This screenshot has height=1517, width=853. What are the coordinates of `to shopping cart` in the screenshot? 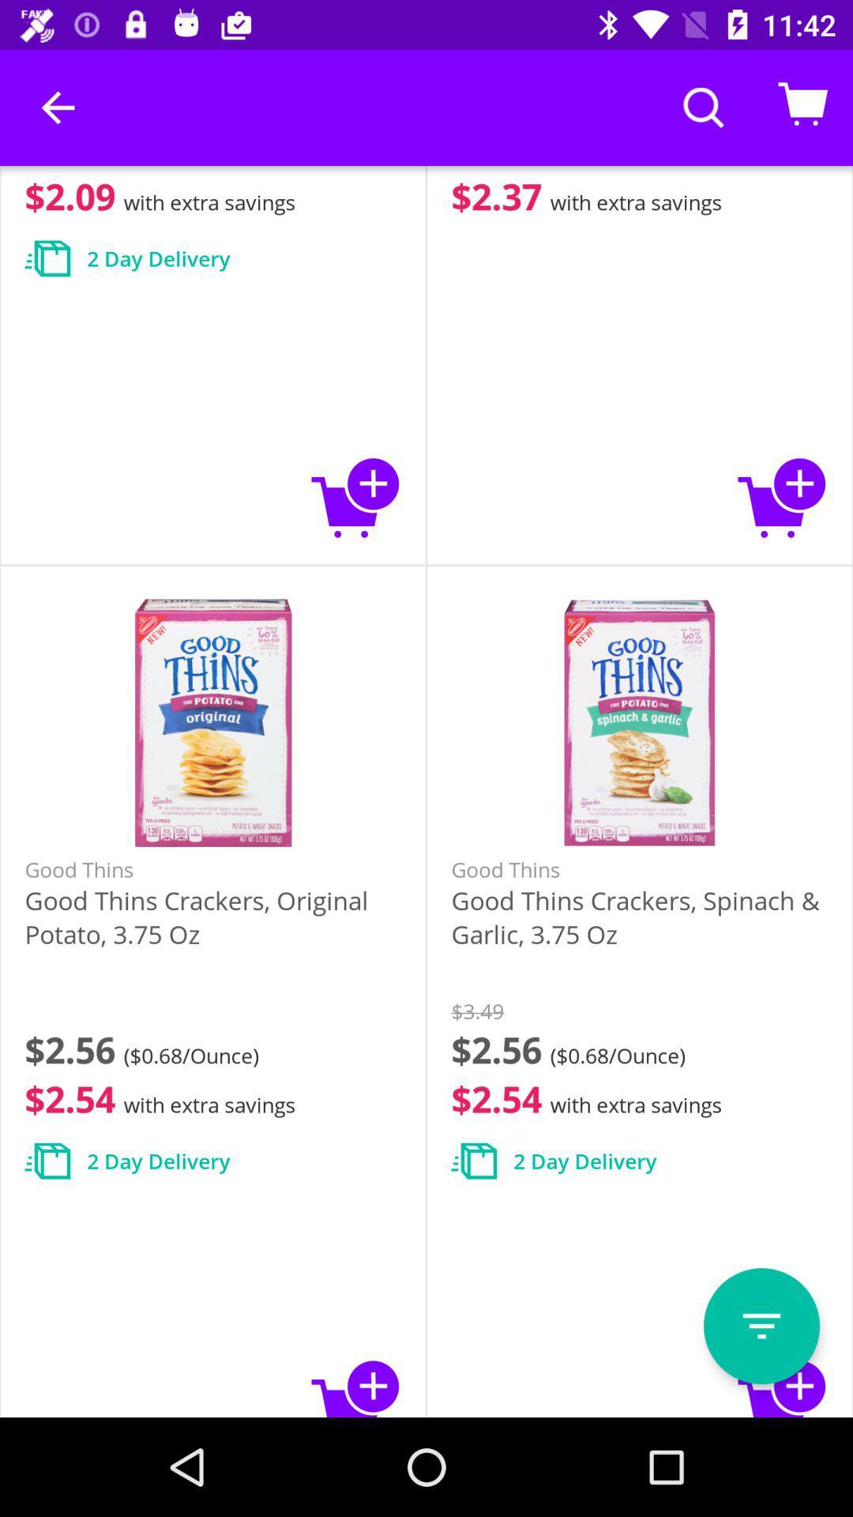 It's located at (356, 496).